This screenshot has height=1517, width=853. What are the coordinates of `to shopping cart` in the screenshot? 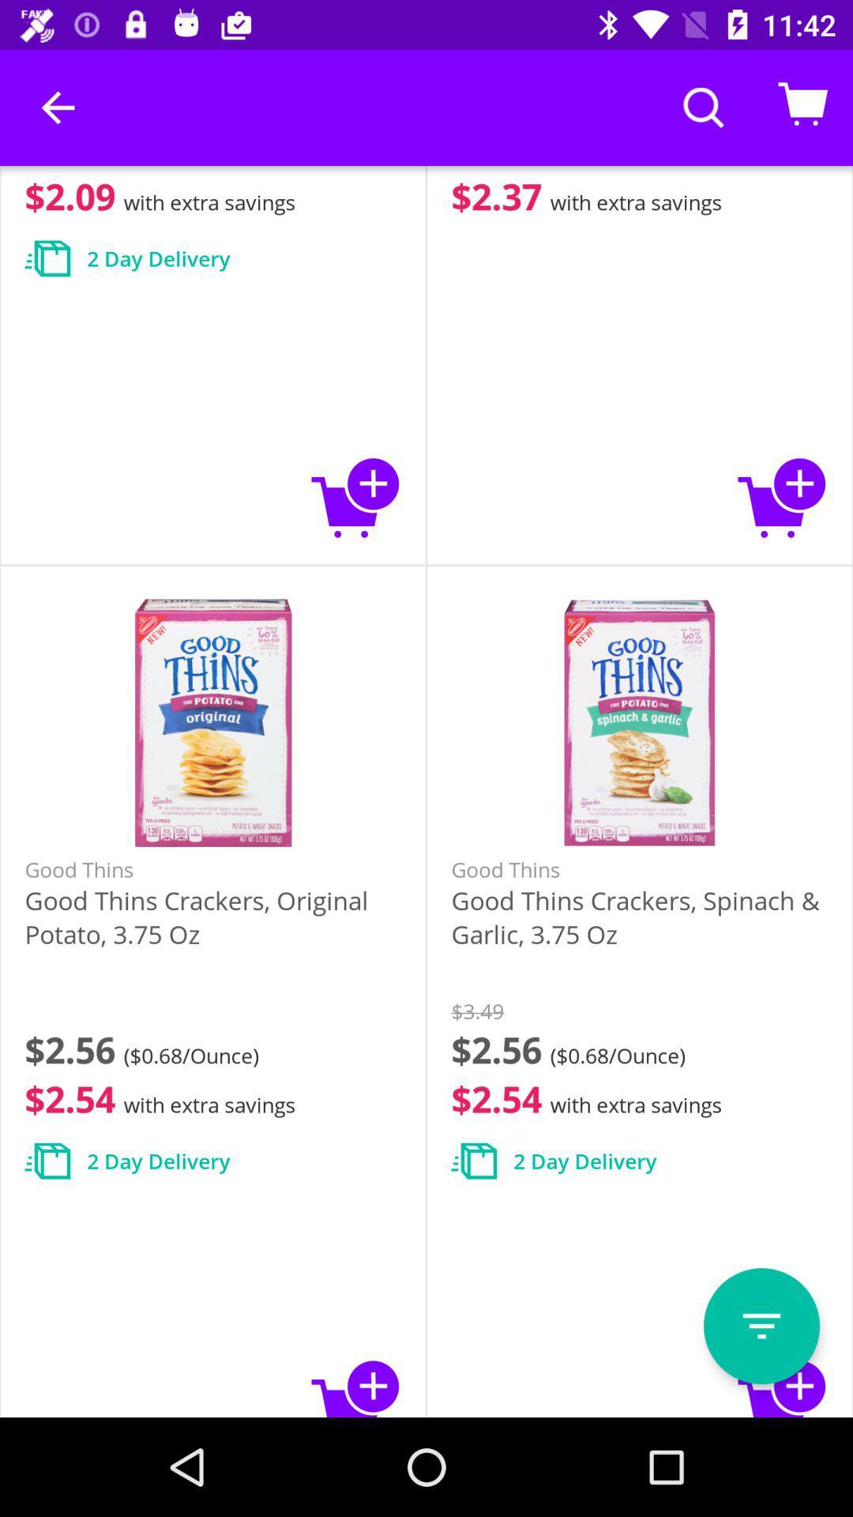 It's located at (356, 496).